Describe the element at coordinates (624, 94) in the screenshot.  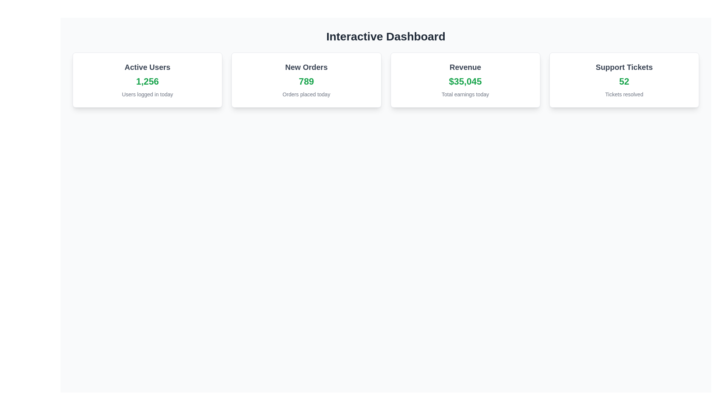
I see `the static text label reading 'Tickets resolved' located below the number '52' in the 'Support Tickets' card` at that location.